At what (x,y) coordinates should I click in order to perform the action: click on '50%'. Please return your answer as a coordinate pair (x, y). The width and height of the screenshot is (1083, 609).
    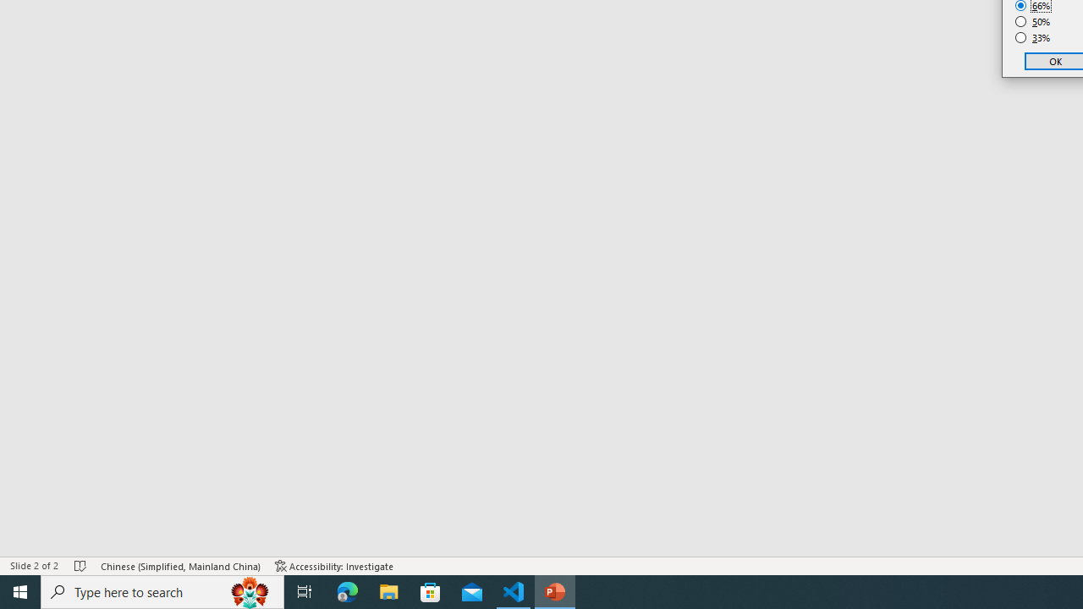
    Looking at the image, I should click on (1032, 21).